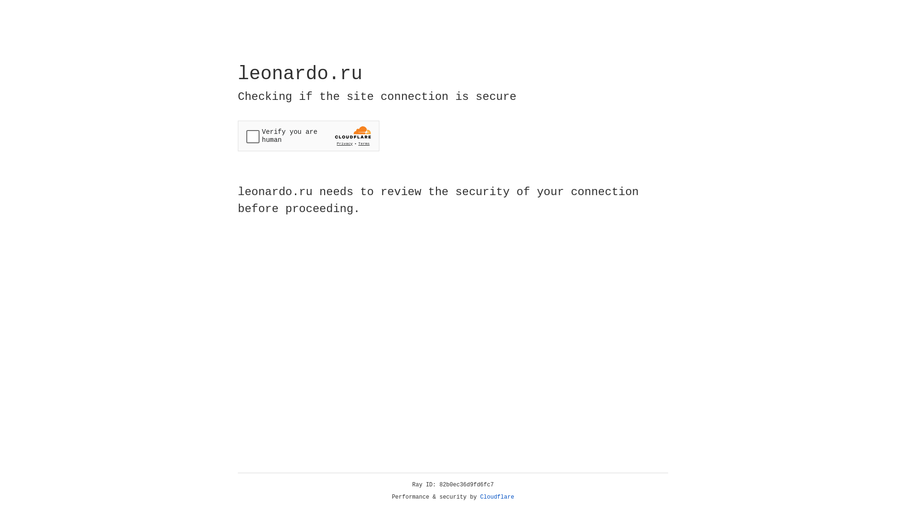  What do you see at coordinates (480, 497) in the screenshot?
I see `'Cloudflare'` at bounding box center [480, 497].